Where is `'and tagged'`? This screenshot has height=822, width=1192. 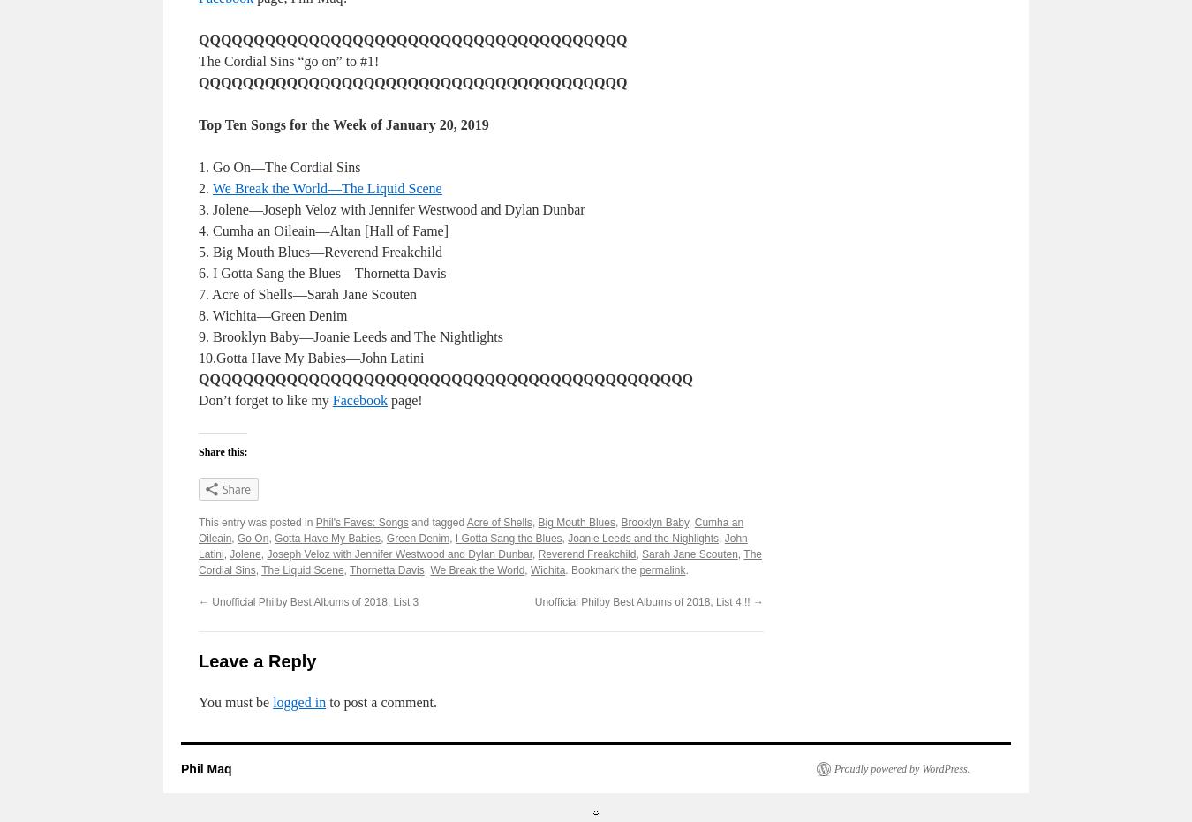
'and tagged' is located at coordinates (436, 522).